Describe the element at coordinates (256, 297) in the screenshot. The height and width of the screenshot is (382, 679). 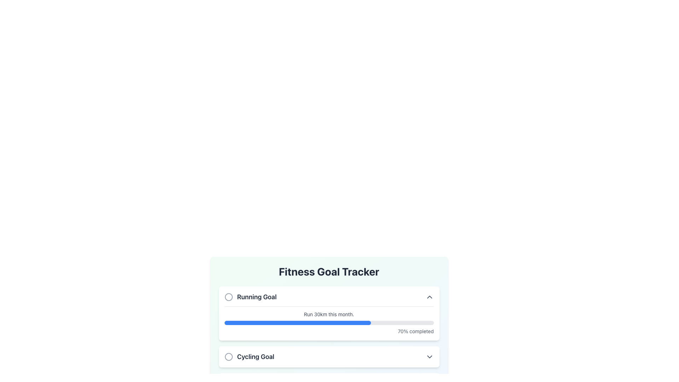
I see `the 'Running Goal' text label, which is styled in bold and located in the Fitness Goal Tracker interface, to the right of a circular control icon` at that location.